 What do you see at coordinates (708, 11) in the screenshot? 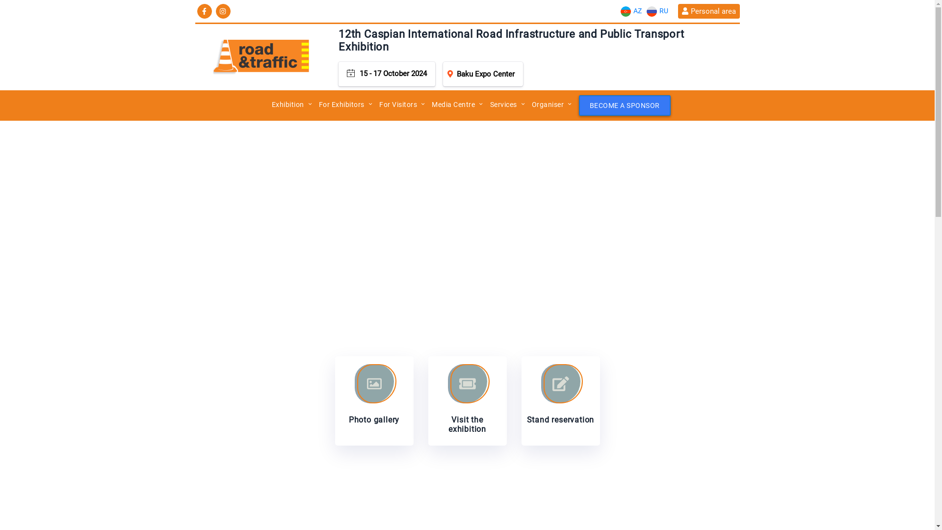
I see `'Personal area'` at bounding box center [708, 11].